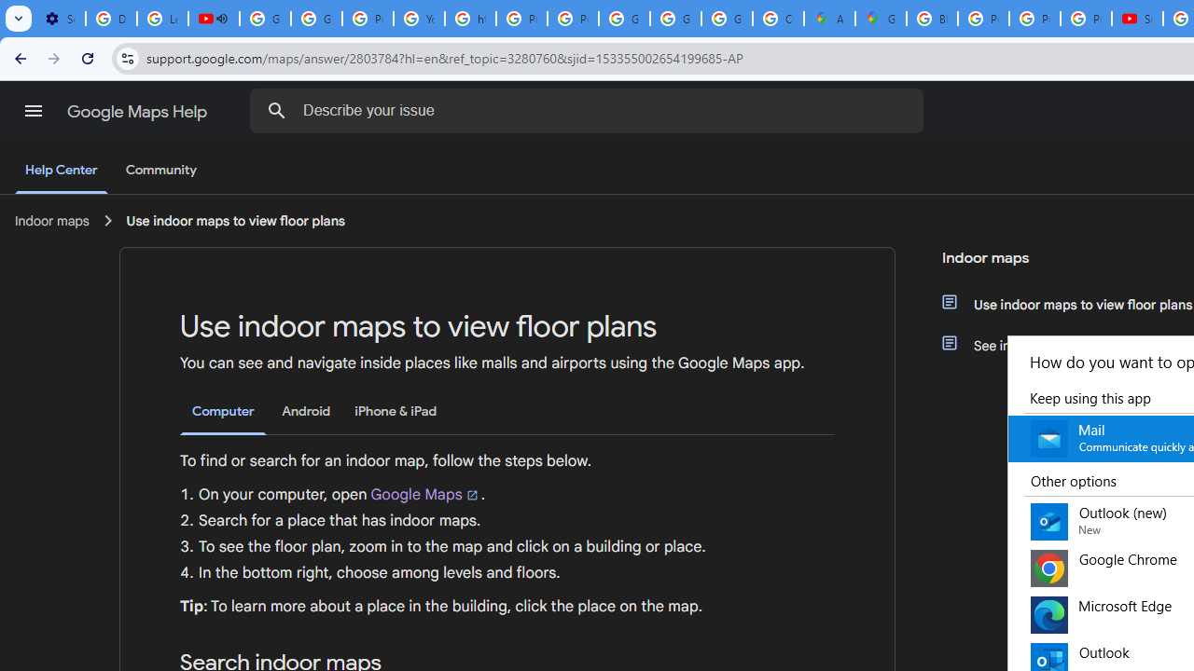 Image resolution: width=1194 pixels, height=671 pixels. Describe the element at coordinates (61, 171) in the screenshot. I see `'Help Center'` at that location.